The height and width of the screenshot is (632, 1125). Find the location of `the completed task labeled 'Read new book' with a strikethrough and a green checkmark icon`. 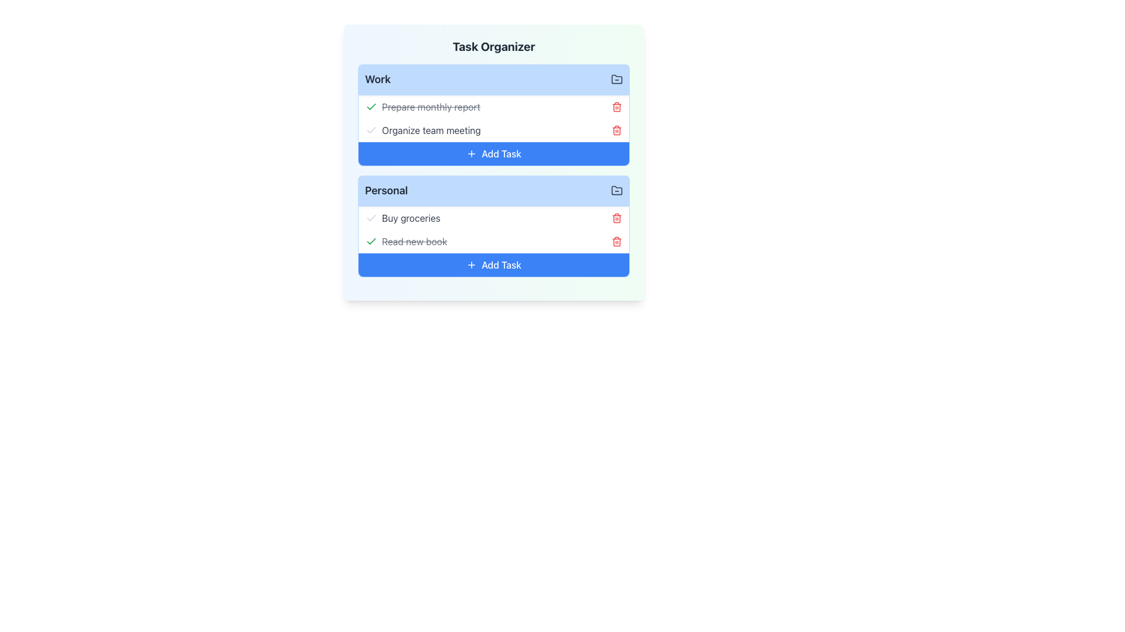

the completed task labeled 'Read new book' with a strikethrough and a green checkmark icon is located at coordinates (406, 241).